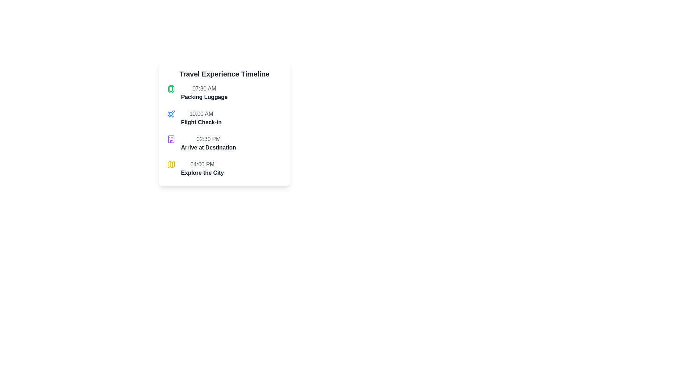 The width and height of the screenshot is (675, 379). What do you see at coordinates (201, 122) in the screenshot?
I see `text 'Flight Check-in' which is displayed in bold, dark gray font located below the time '10:00 AM' in the timeline layout` at bounding box center [201, 122].